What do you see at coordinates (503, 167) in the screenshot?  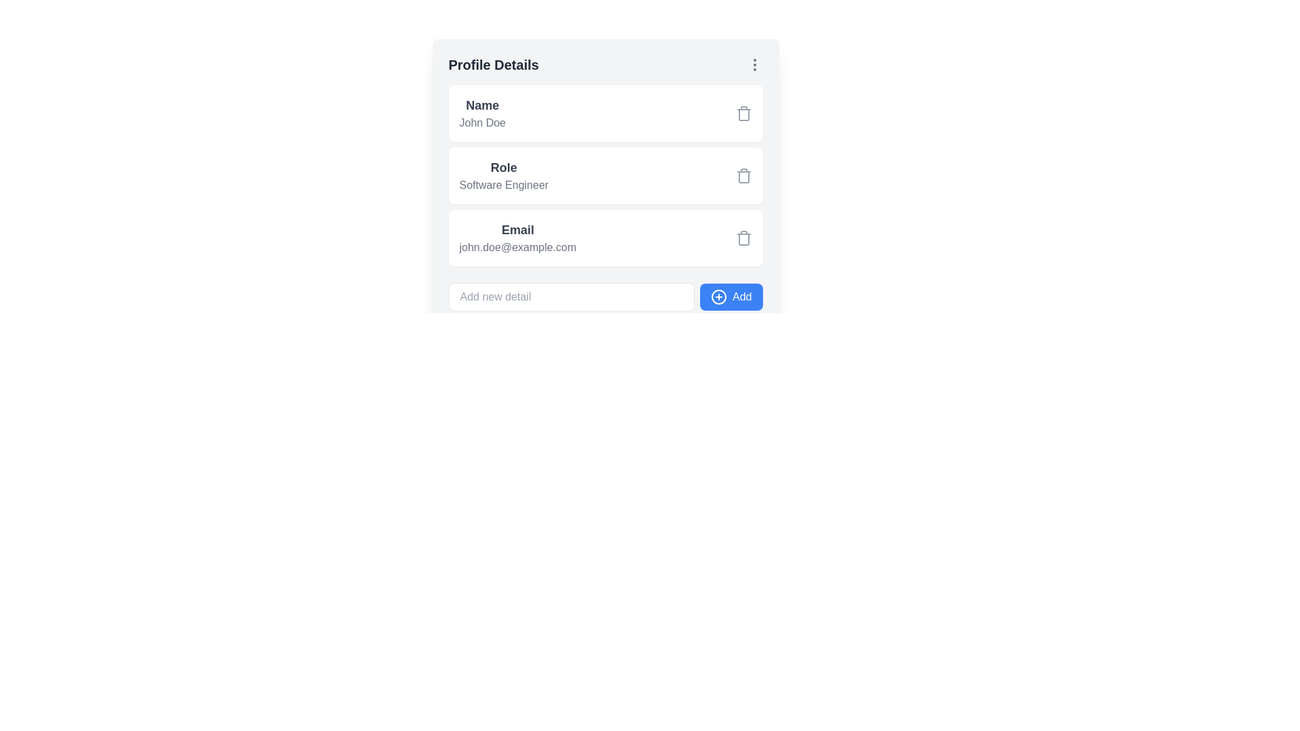 I see `the 'Role' text label, which is styled in bold and positioned above 'Software Engineer' within the Profile Details section` at bounding box center [503, 167].